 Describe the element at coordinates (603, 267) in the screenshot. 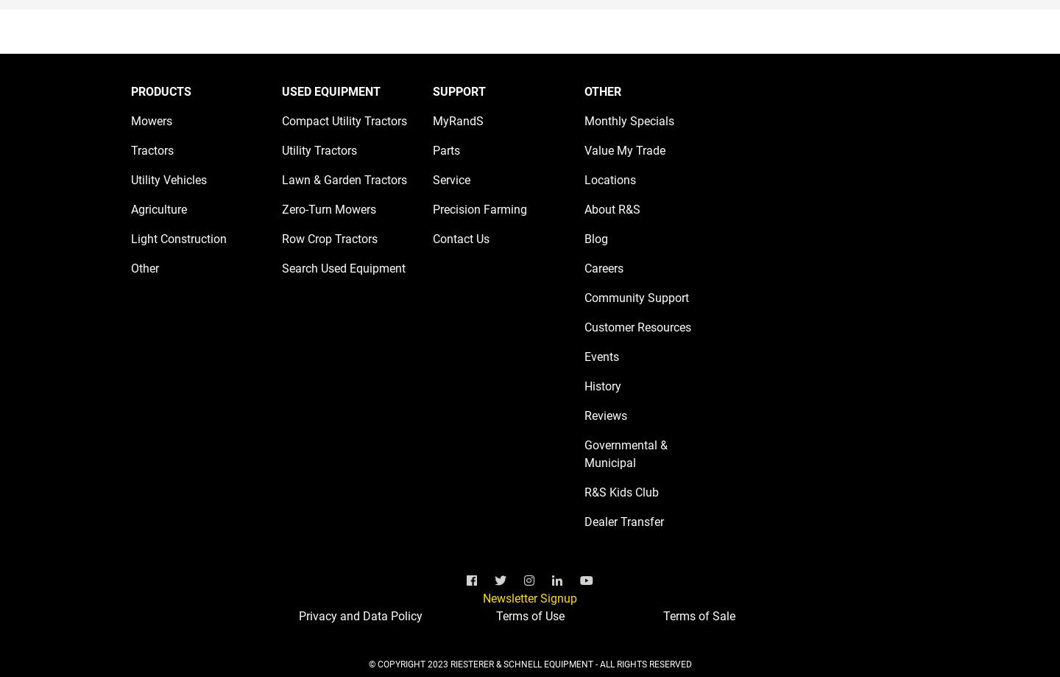

I see `'Careers'` at that location.